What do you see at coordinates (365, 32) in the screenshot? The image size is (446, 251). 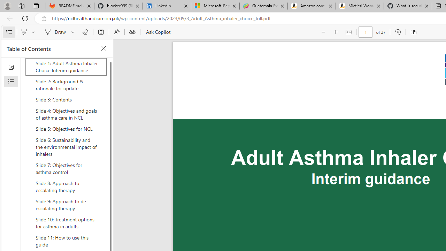 I see `'Page number'` at bounding box center [365, 32].